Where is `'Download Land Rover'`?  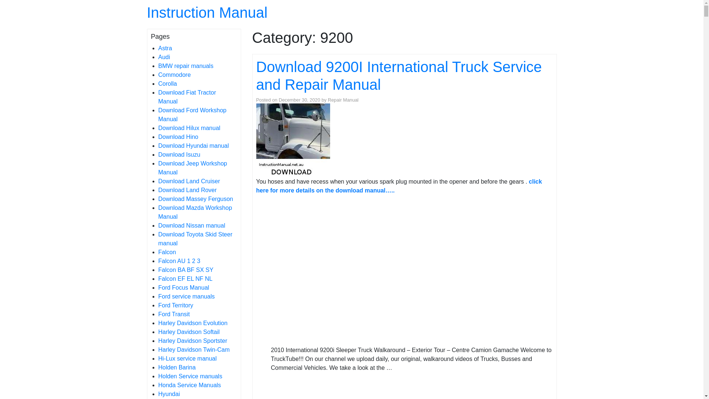
'Download Land Rover' is located at coordinates (187, 190).